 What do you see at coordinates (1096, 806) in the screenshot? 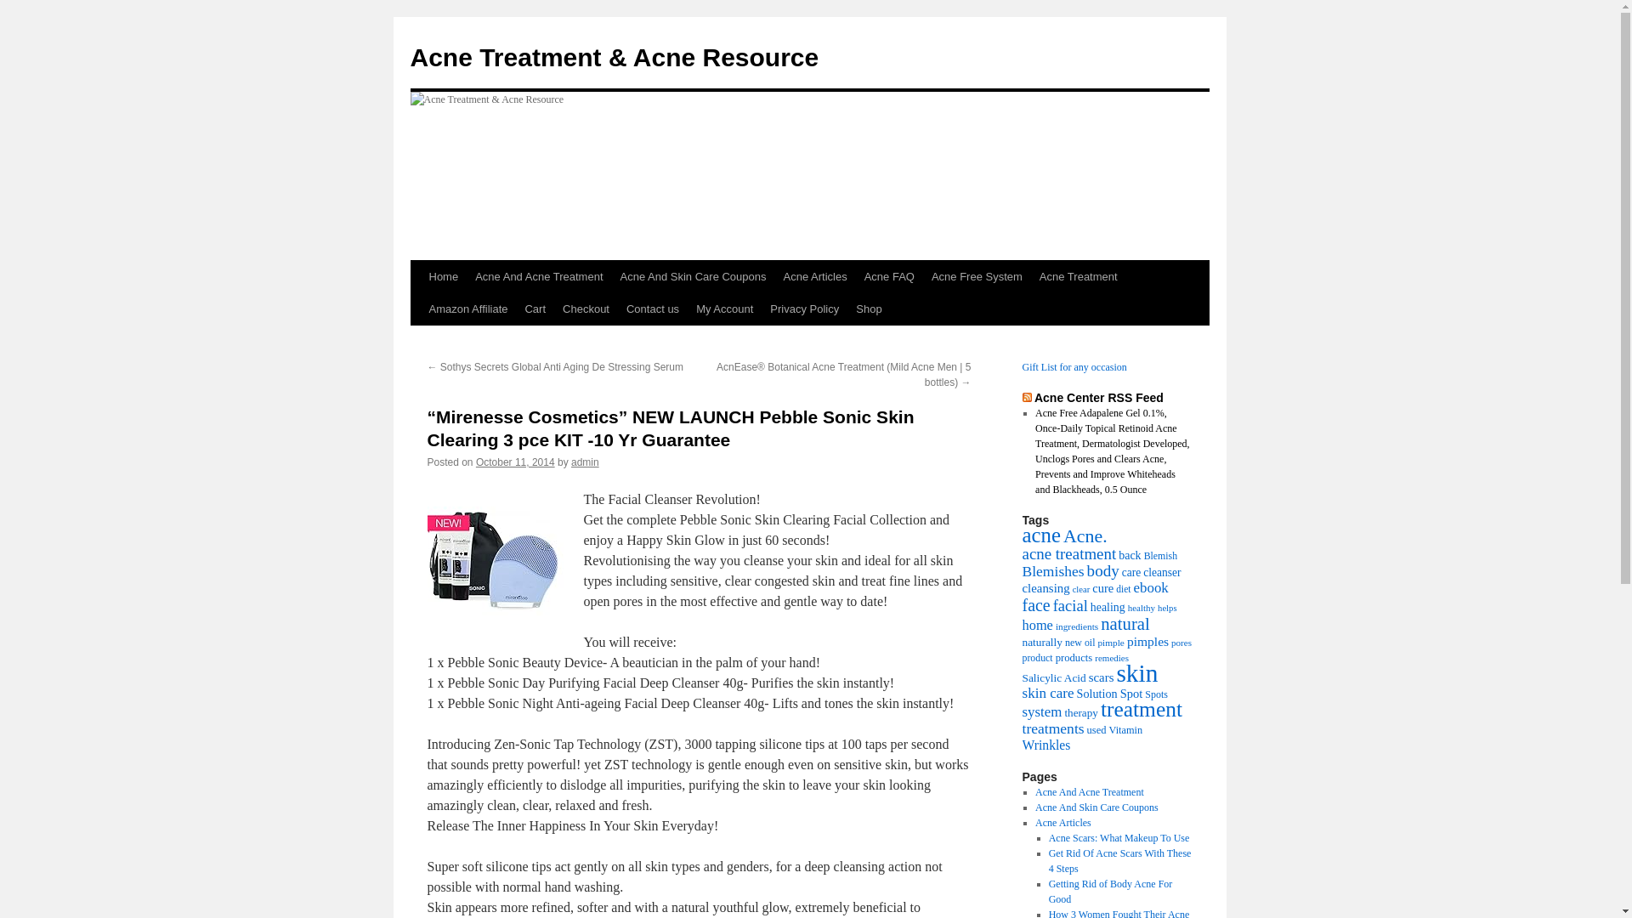
I see `'Acne And Skin Care Coupons'` at bounding box center [1096, 806].